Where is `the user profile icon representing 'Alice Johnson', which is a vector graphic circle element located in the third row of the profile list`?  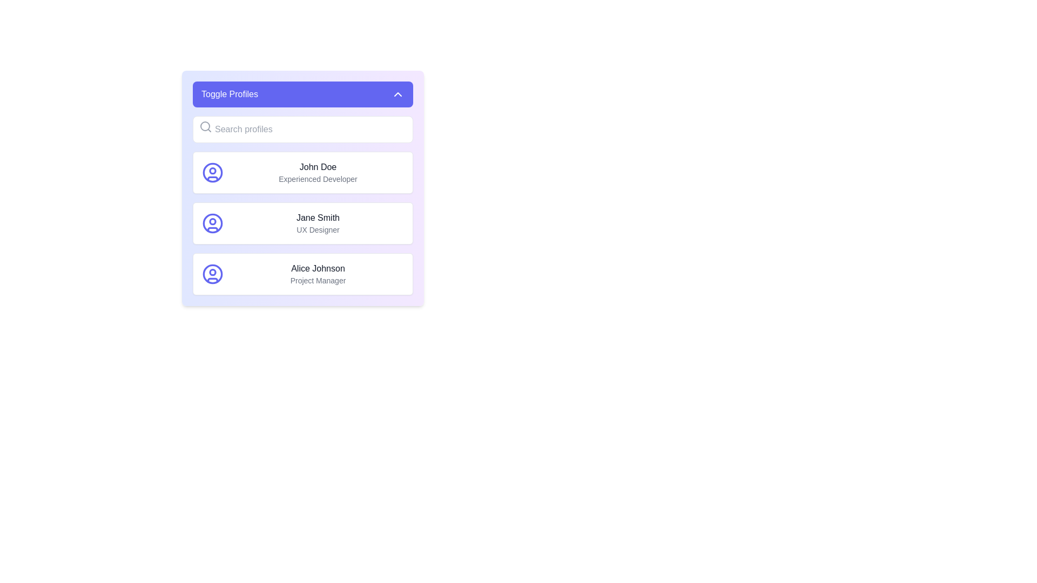 the user profile icon representing 'Alice Johnson', which is a vector graphic circle element located in the third row of the profile list is located at coordinates (212, 274).